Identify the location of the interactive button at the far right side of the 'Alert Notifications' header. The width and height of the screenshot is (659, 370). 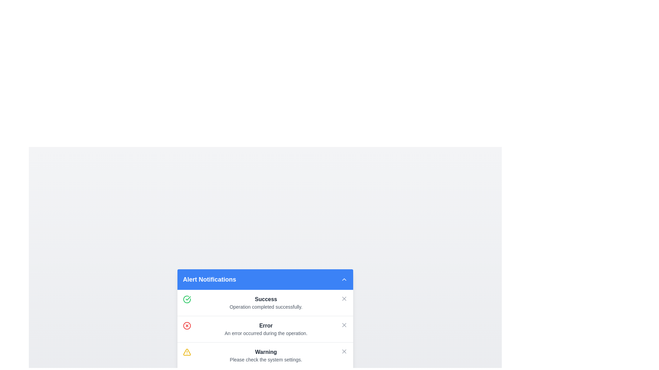
(344, 279).